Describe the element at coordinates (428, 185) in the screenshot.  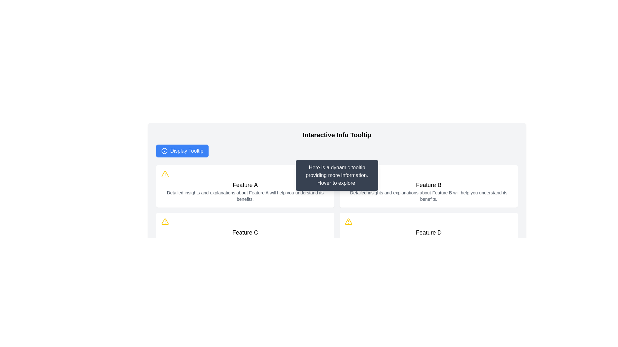
I see `the title text located at the top-center of its card in the second column of a four-column grid layout, which provides a label for its associated content` at that location.